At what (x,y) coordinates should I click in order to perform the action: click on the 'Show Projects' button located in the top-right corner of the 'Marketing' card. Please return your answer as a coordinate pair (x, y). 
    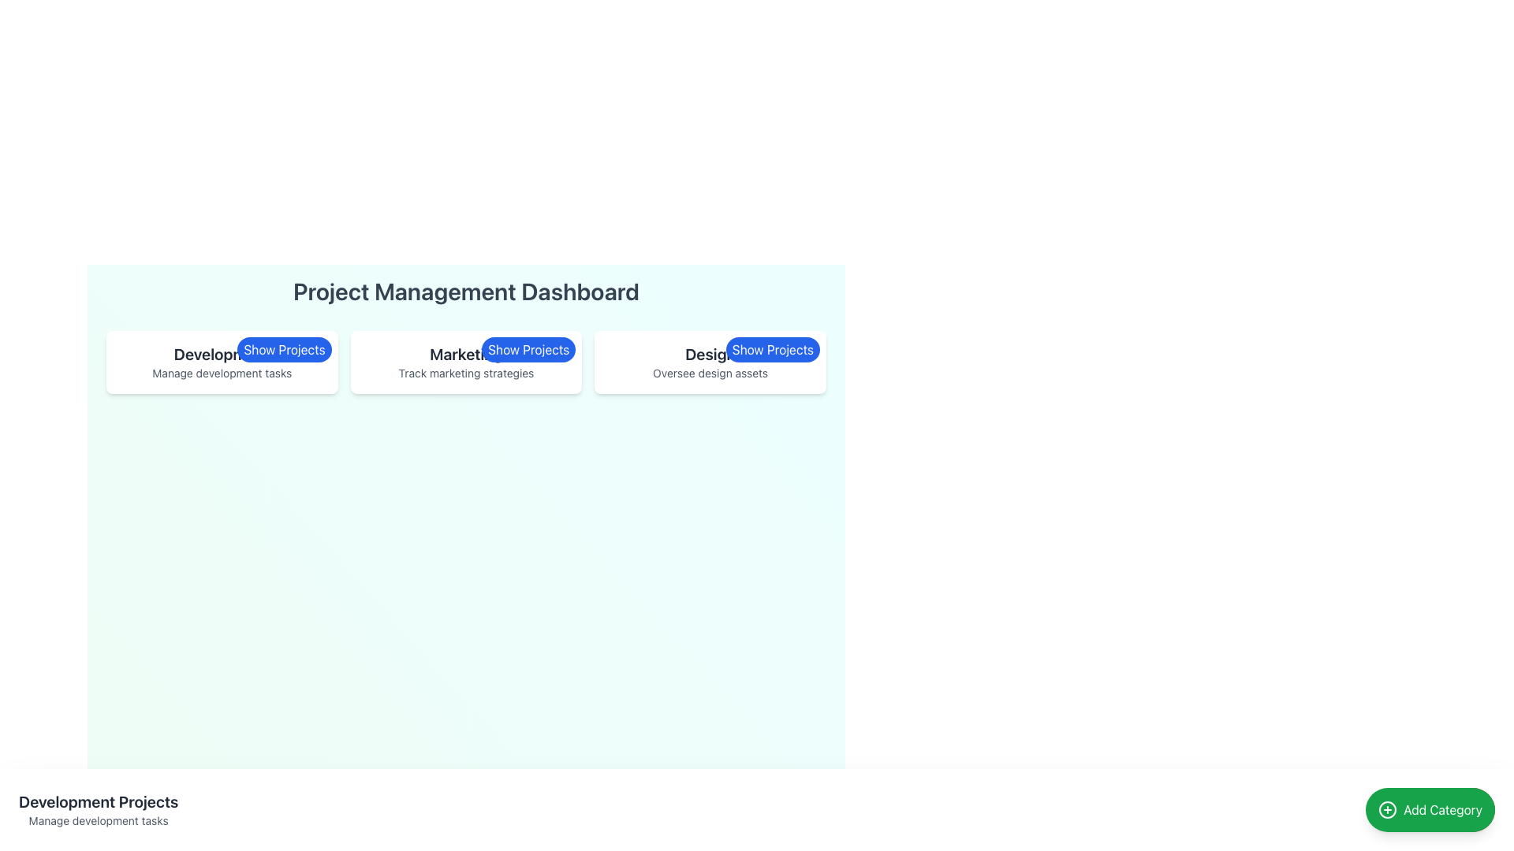
    Looking at the image, I should click on (528, 348).